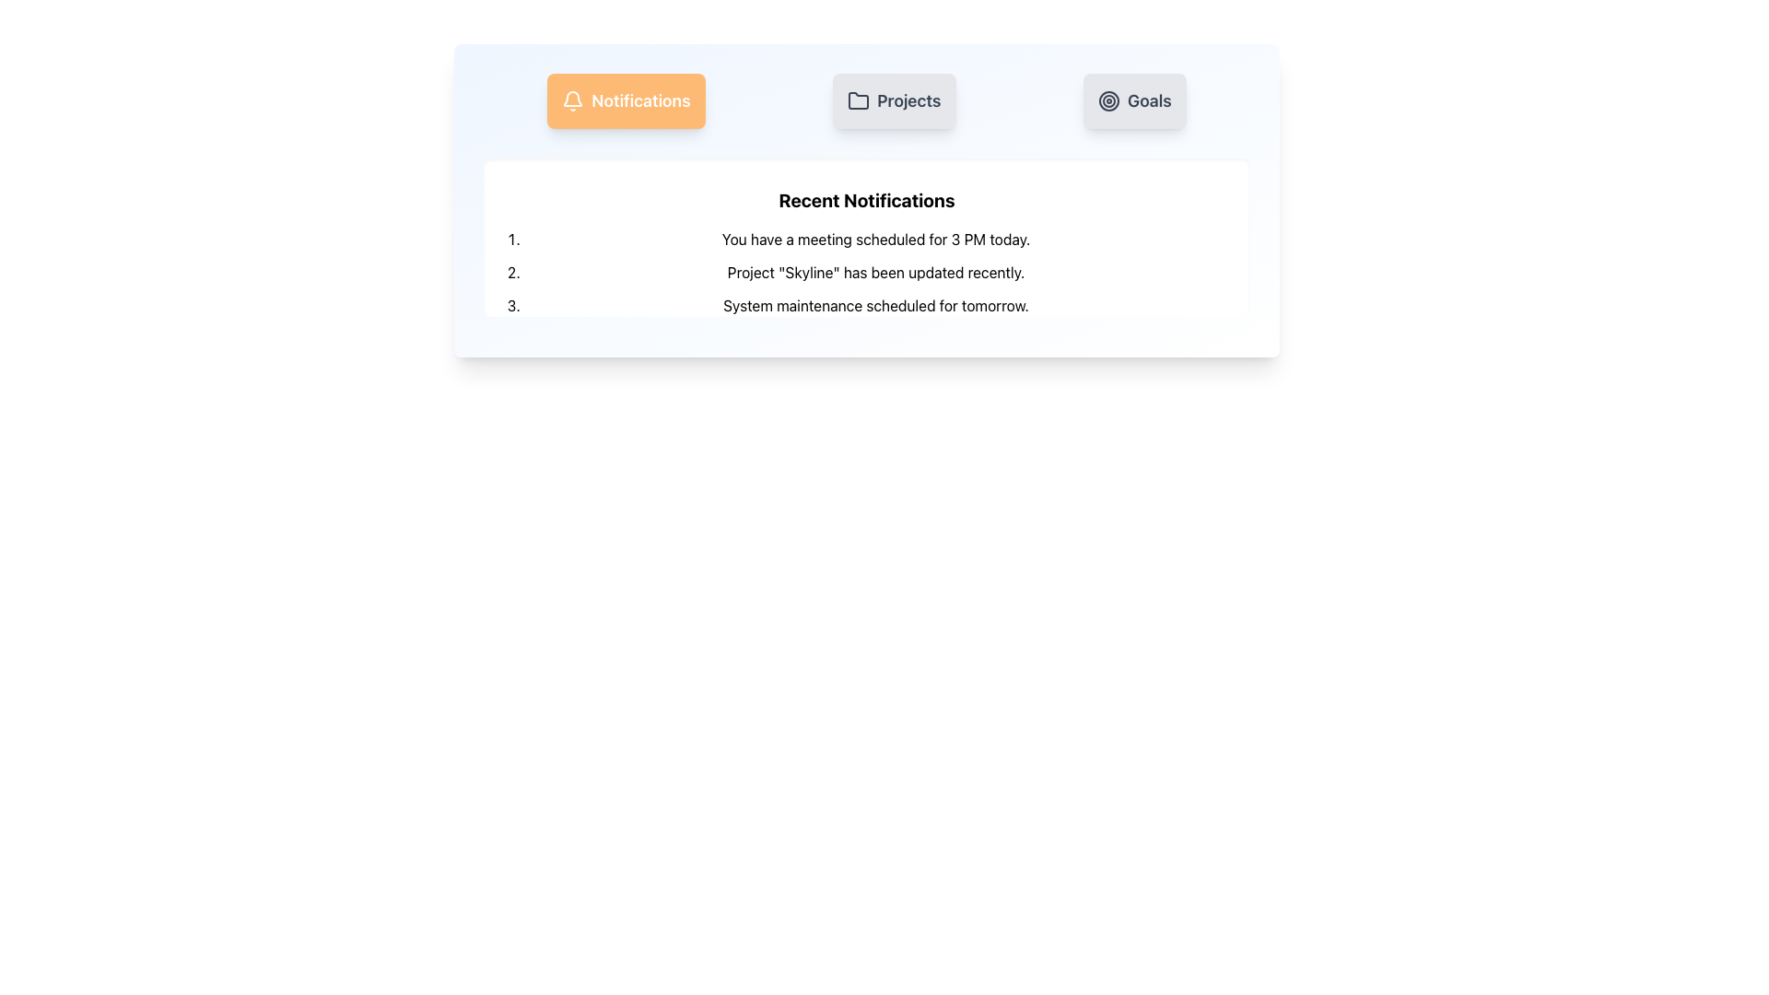 The height and width of the screenshot is (995, 1769). What do you see at coordinates (874, 238) in the screenshot?
I see `the first item in the ordered list of recent notifications, which states 'You have a meeting scheduled for 3 PM today.'` at bounding box center [874, 238].